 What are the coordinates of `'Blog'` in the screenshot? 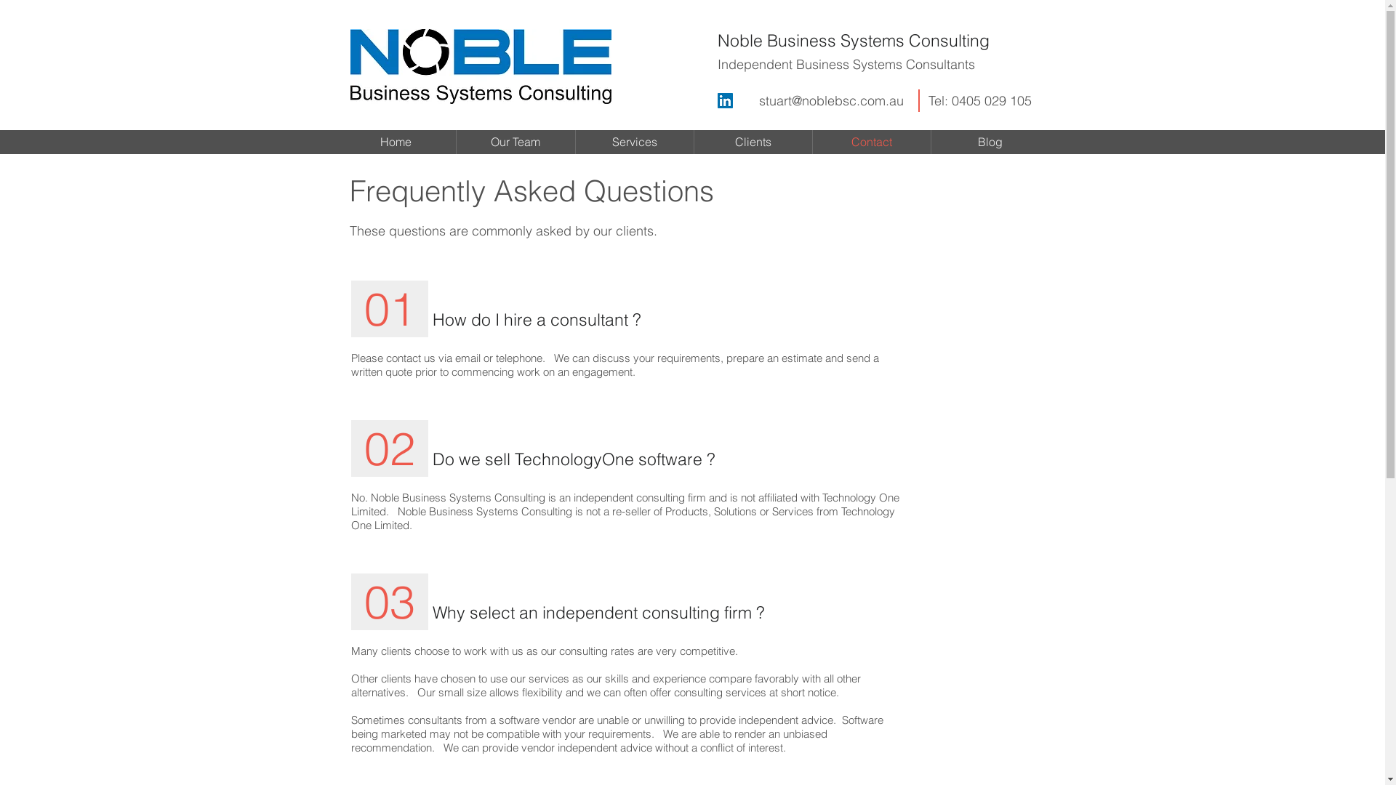 It's located at (989, 142).